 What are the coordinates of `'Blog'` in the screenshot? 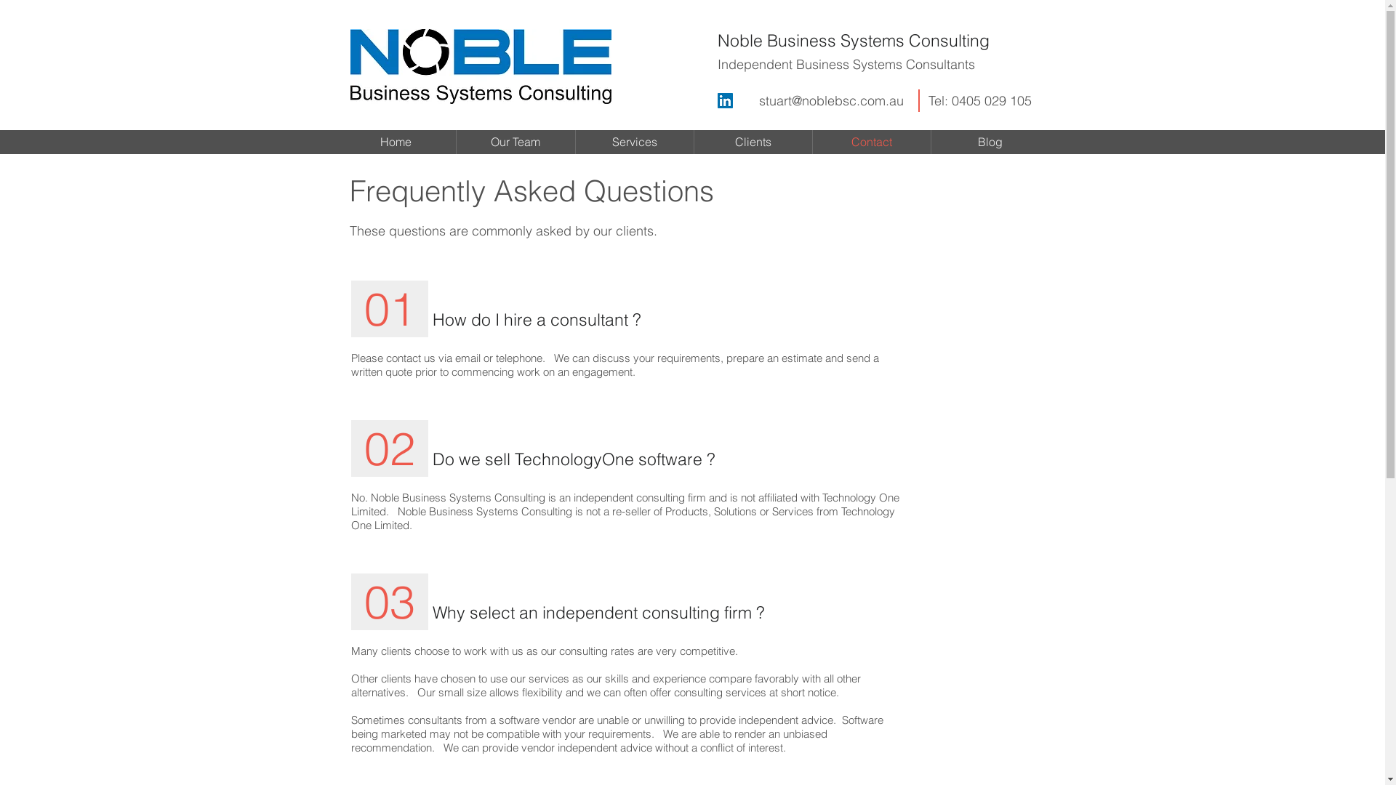 It's located at (989, 142).